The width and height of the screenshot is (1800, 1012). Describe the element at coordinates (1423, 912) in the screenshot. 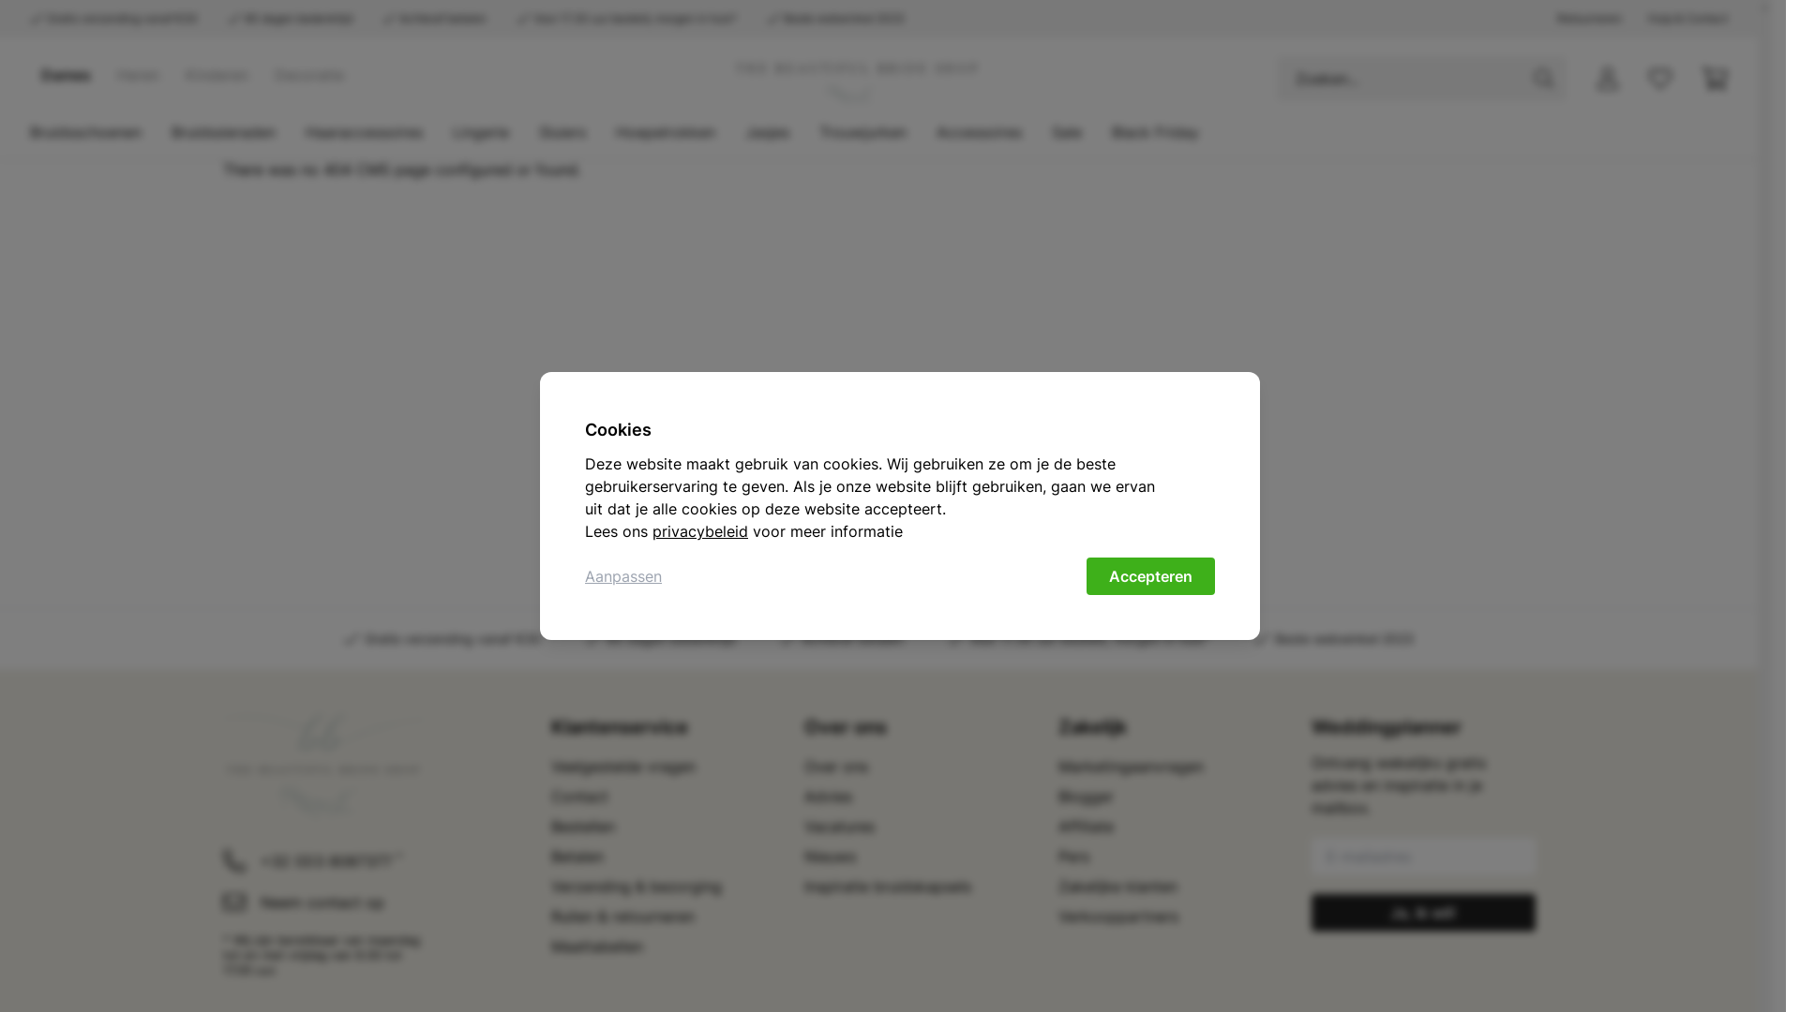

I see `'Ja, ik wil!'` at that location.